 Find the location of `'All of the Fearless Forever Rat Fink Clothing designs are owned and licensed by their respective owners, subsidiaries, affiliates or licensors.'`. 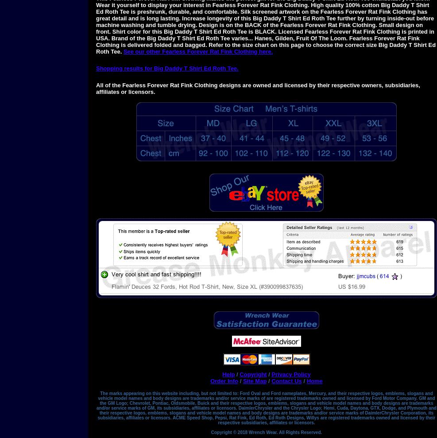

'All of the Fearless Forever Rat Fink Clothing designs are owned and licensed by their respective owners, subsidiaries, affiliates or licensors.' is located at coordinates (257, 88).